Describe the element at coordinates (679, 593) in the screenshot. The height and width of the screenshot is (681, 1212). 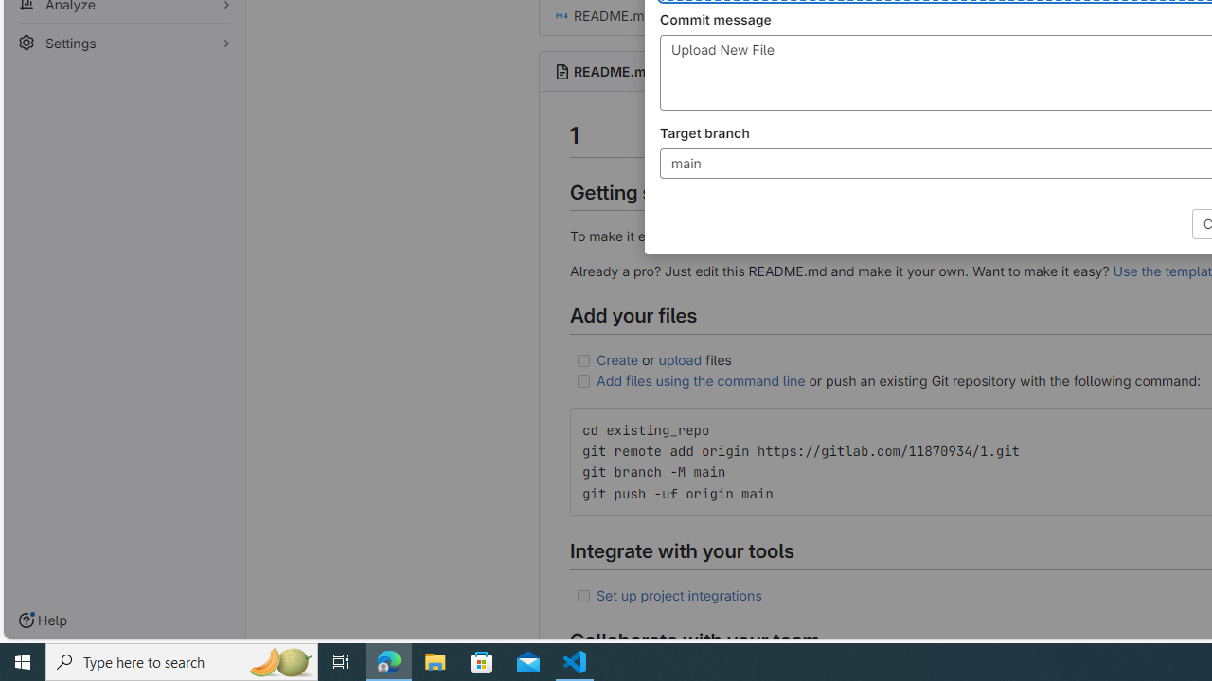
I see `'Set up project integrations'` at that location.